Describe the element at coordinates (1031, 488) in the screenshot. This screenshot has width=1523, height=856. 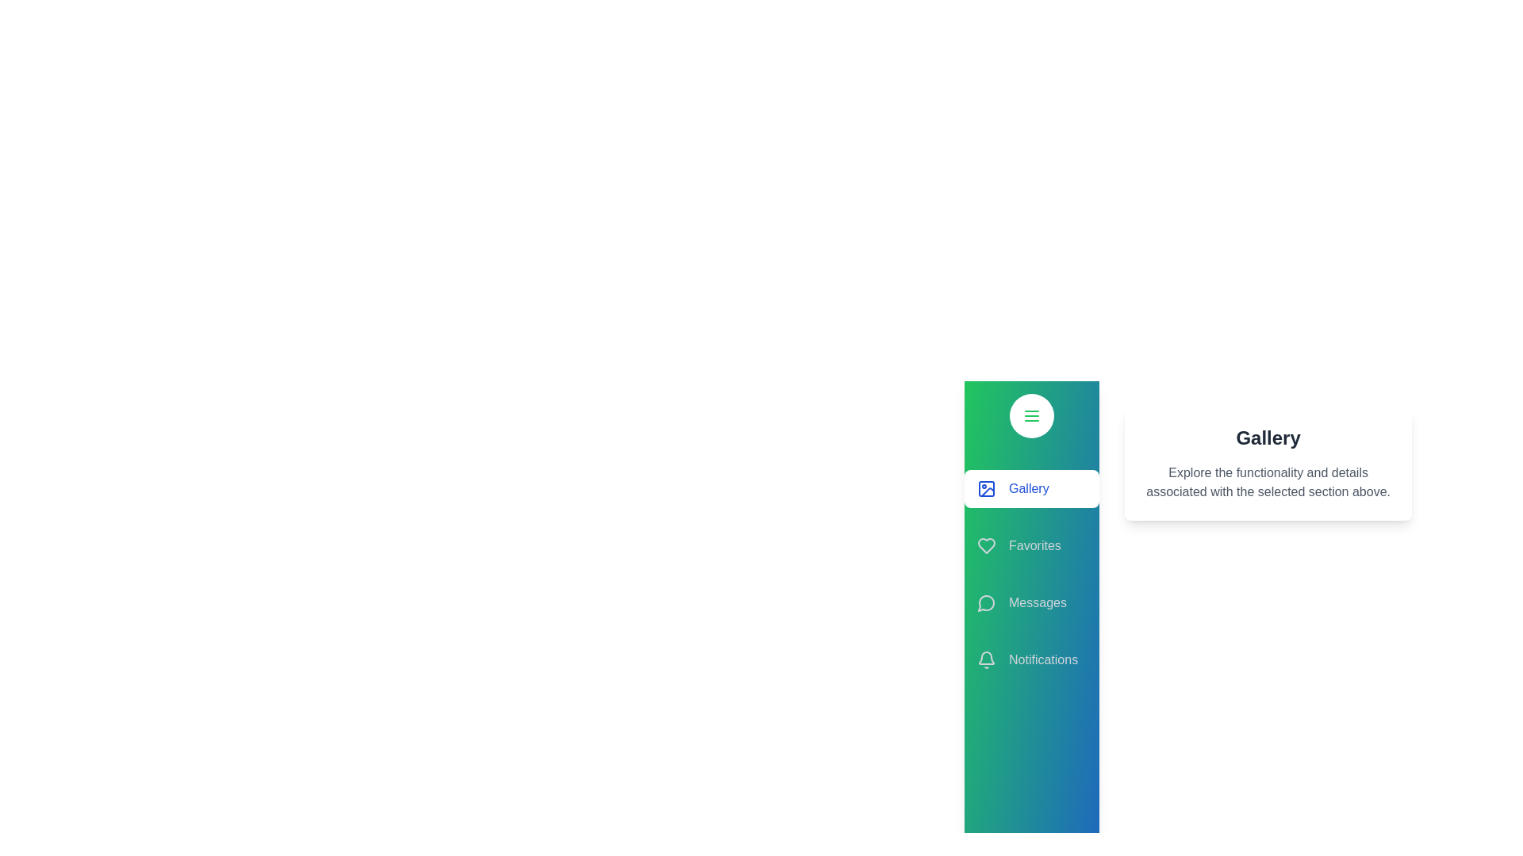
I see `the section Gallery in the EnhancedDrawer component` at that location.